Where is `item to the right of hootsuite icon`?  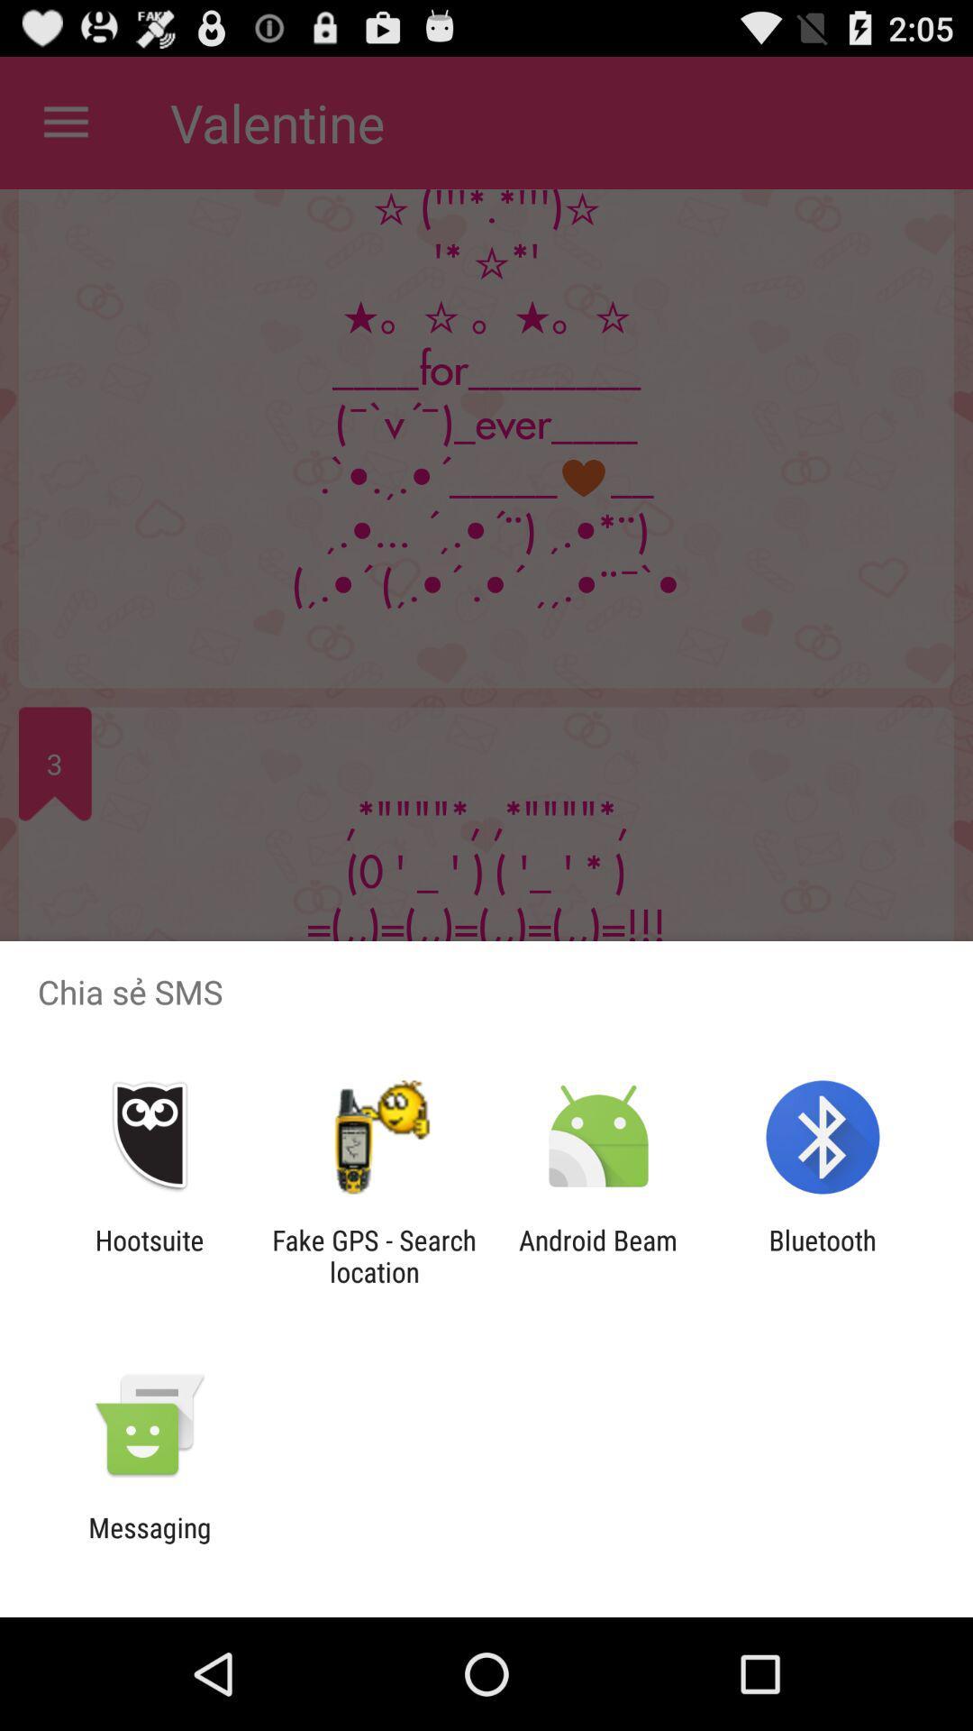 item to the right of hootsuite icon is located at coordinates (373, 1255).